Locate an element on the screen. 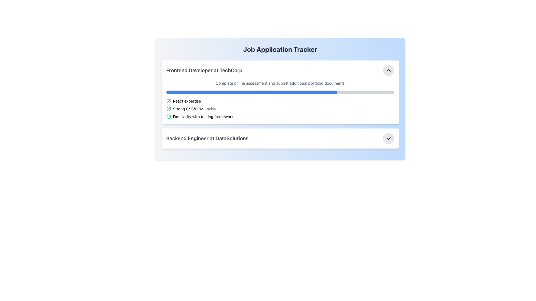  the text label that reads 'Complete online assessment and submit additional portfolio documents', which is styled with a smaller font size and gray color, located above the blue progress bar in the 'Frontend Developer at TechCorp' job posting section is located at coordinates (280, 83).